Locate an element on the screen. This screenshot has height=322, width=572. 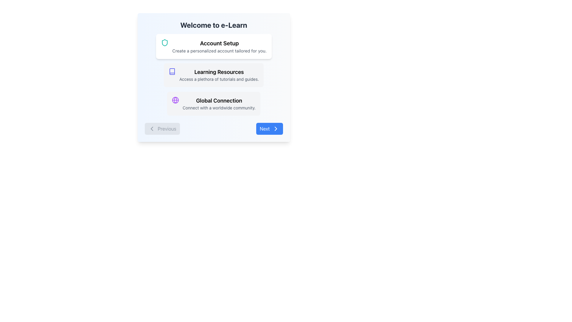
the 'Account Setup' icon, which visually represents the 'Account Setup' feature of the application, located at the top-left corner of the option in a vertical list is located at coordinates (164, 42).